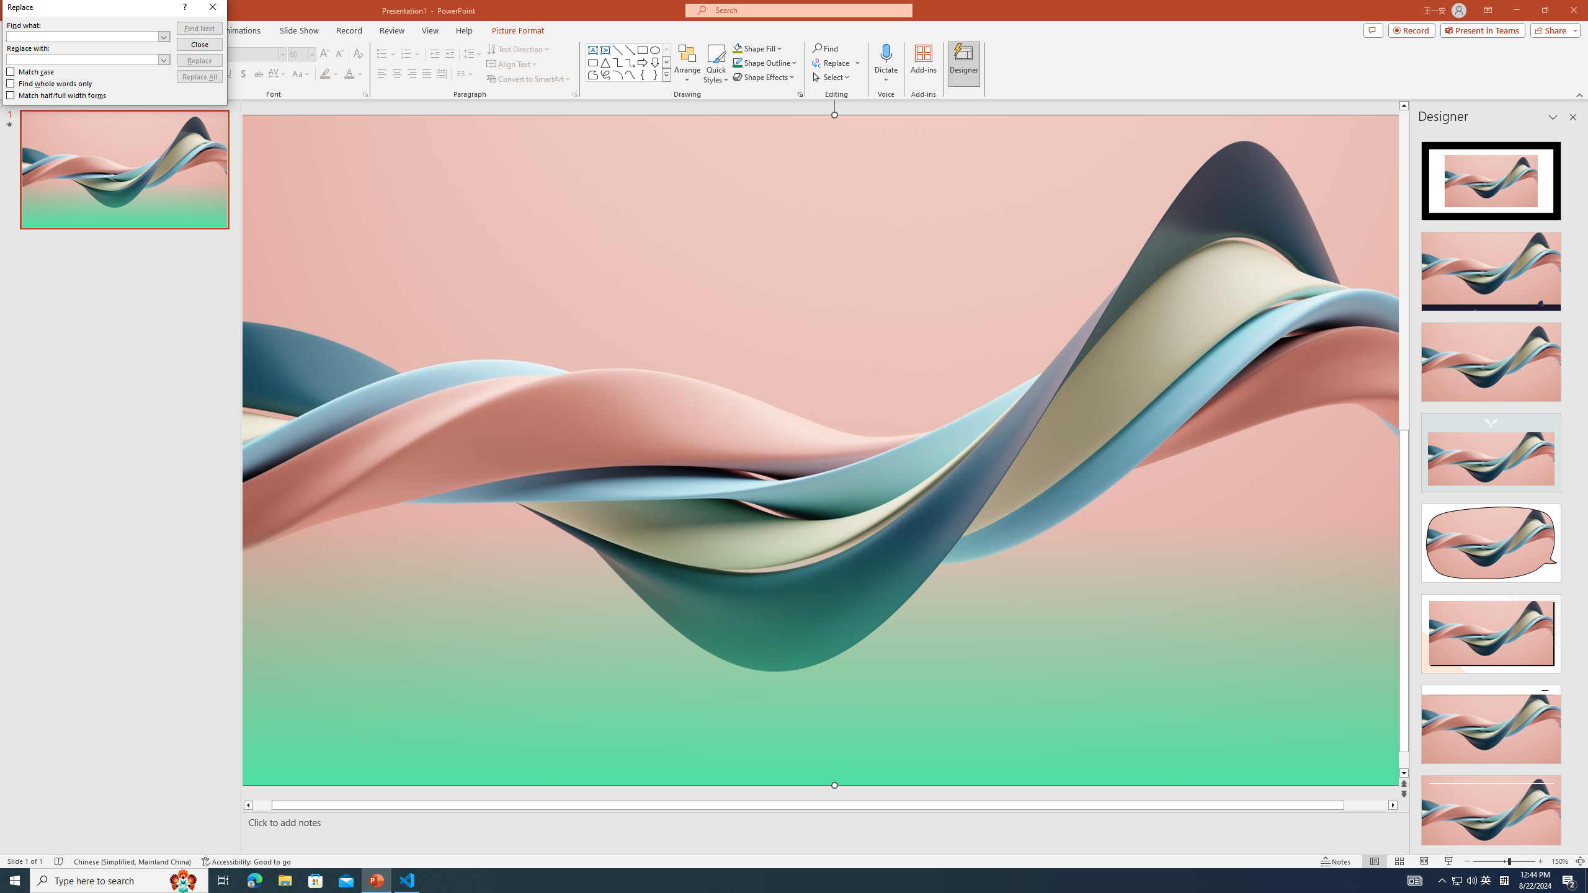 The width and height of the screenshot is (1588, 893). What do you see at coordinates (604, 74) in the screenshot?
I see `'Freeform: Scribble'` at bounding box center [604, 74].